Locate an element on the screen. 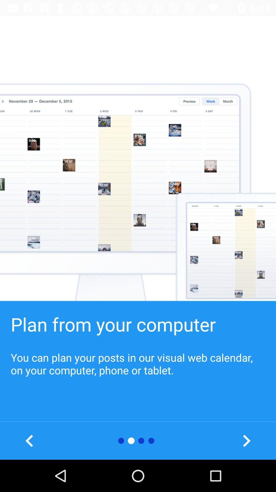 The height and width of the screenshot is (492, 276). to move ahead is located at coordinates (246, 440).